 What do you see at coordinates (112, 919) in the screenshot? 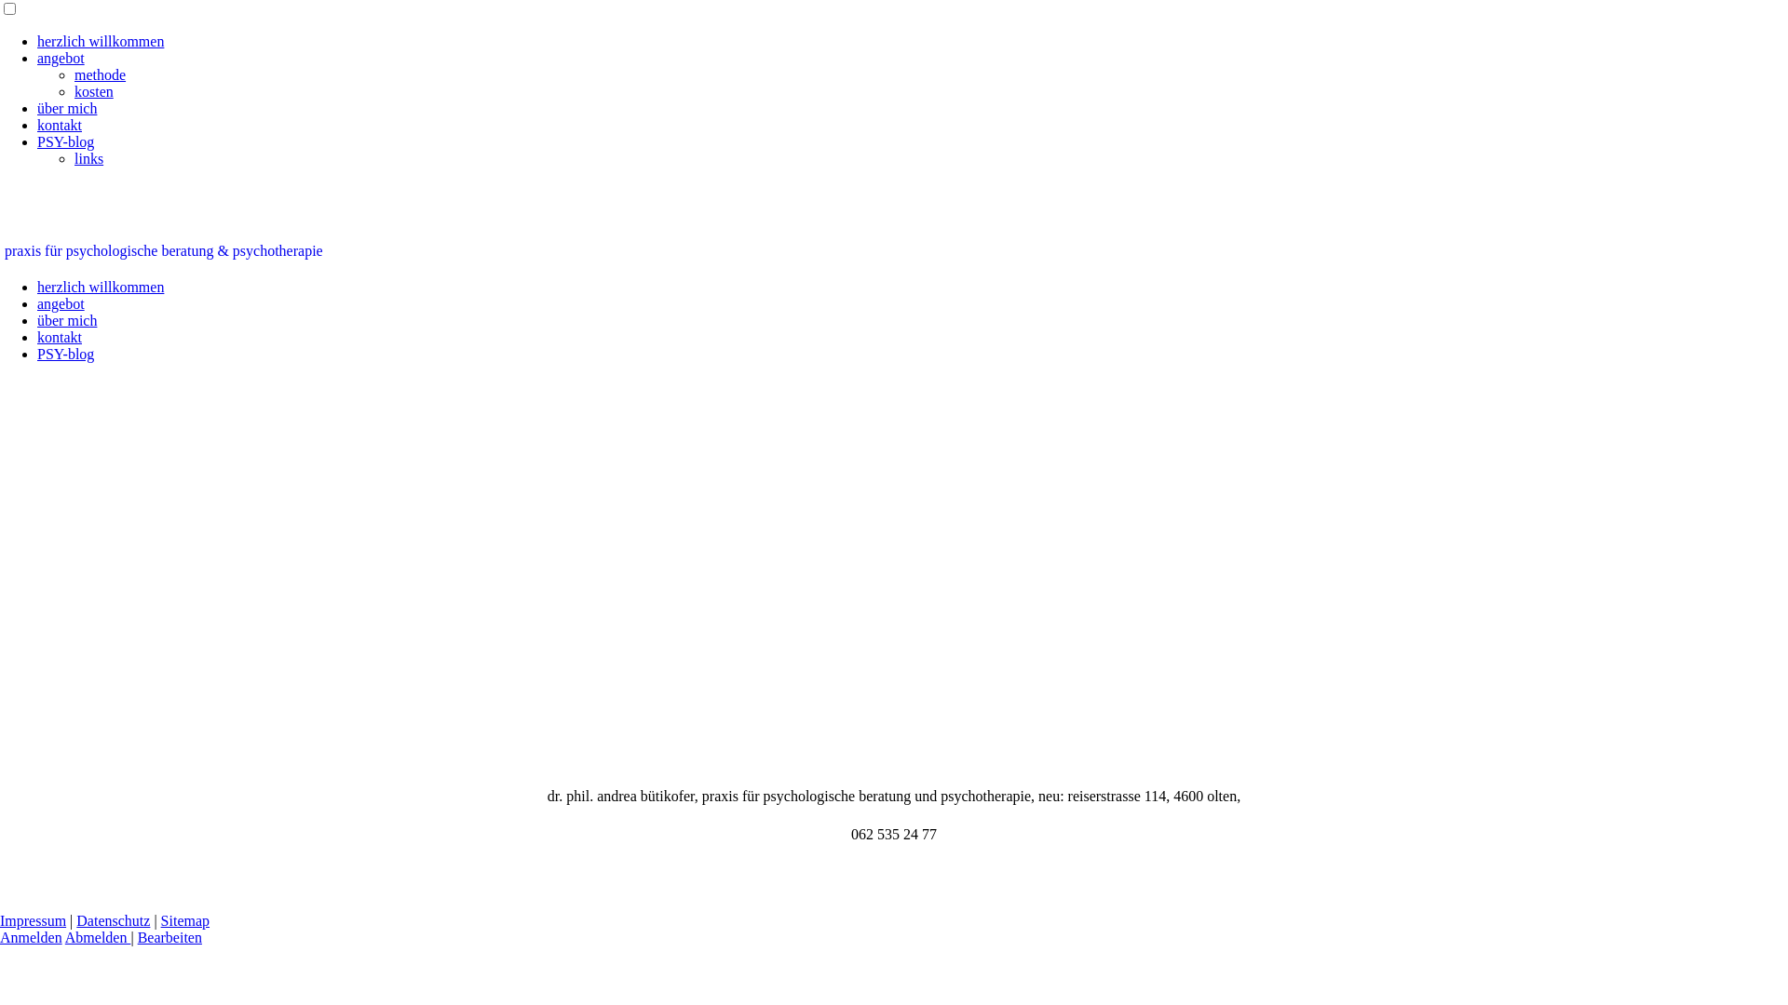
I see `'Datenschutz'` at bounding box center [112, 919].